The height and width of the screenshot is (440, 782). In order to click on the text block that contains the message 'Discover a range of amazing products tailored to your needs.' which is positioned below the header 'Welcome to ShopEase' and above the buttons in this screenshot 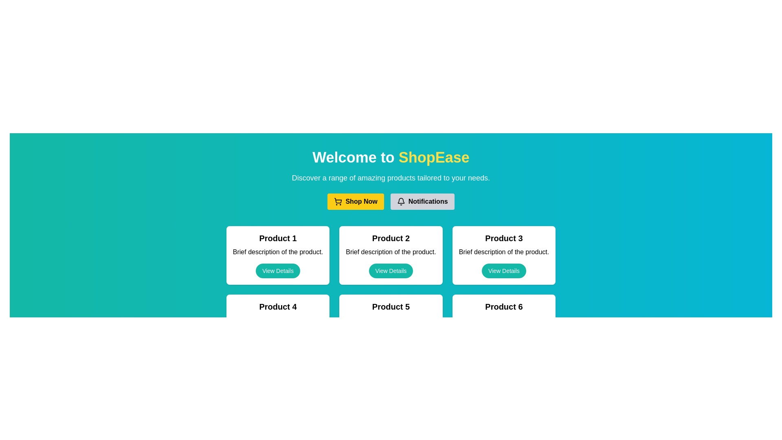, I will do `click(391, 177)`.